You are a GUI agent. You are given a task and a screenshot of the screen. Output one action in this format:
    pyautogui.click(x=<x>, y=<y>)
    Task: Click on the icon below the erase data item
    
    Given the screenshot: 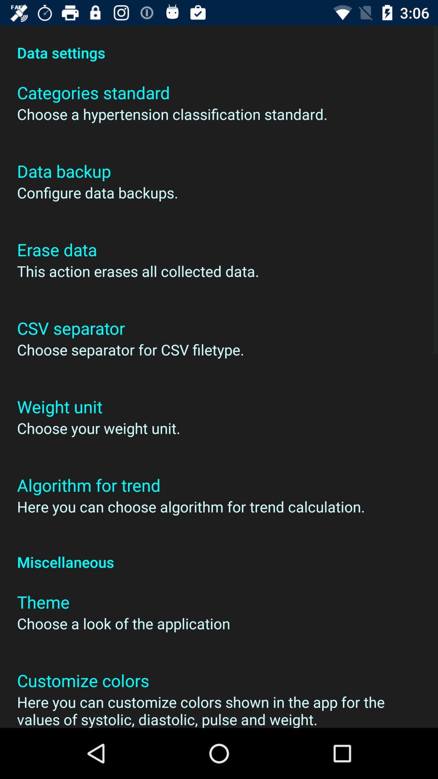 What is the action you would take?
    pyautogui.click(x=137, y=271)
    